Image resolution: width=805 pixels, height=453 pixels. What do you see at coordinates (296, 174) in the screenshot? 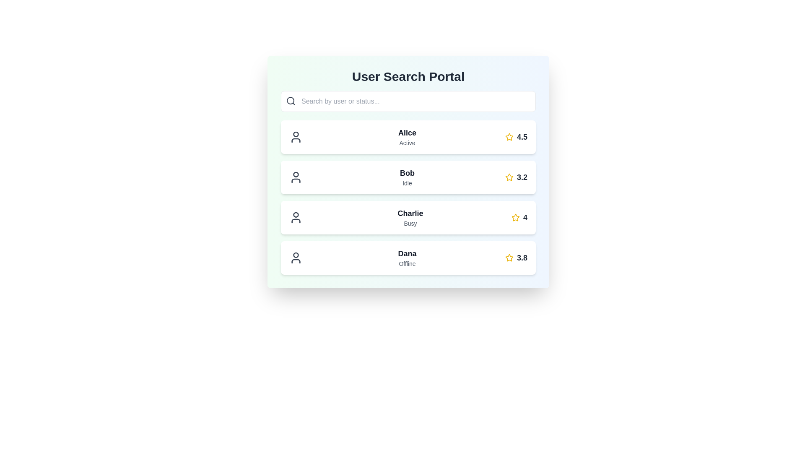
I see `the circular graphical icon representing the head section of the user icon for 'Bob', which is the second user in the profile listing` at bounding box center [296, 174].